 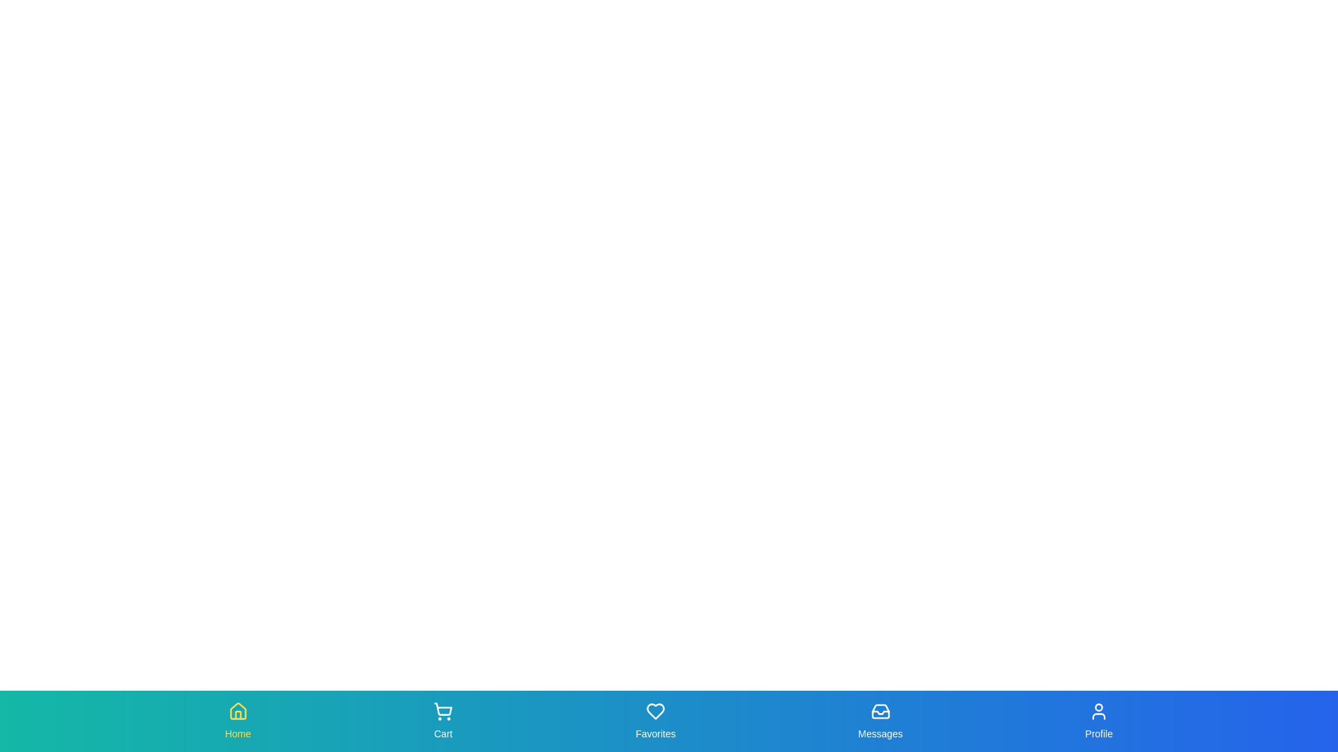 I want to click on the tab labeled Profile to view the scale effect, so click(x=1098, y=721).